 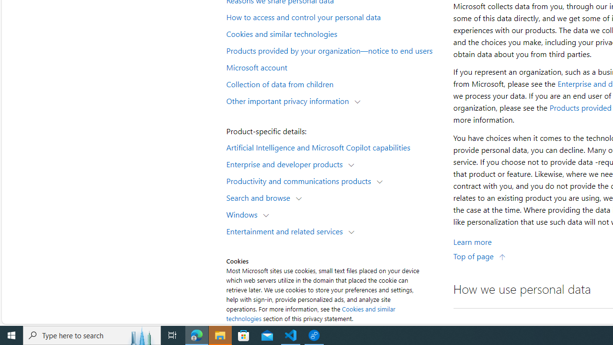 What do you see at coordinates (333, 66) in the screenshot?
I see `'Microsoft account'` at bounding box center [333, 66].